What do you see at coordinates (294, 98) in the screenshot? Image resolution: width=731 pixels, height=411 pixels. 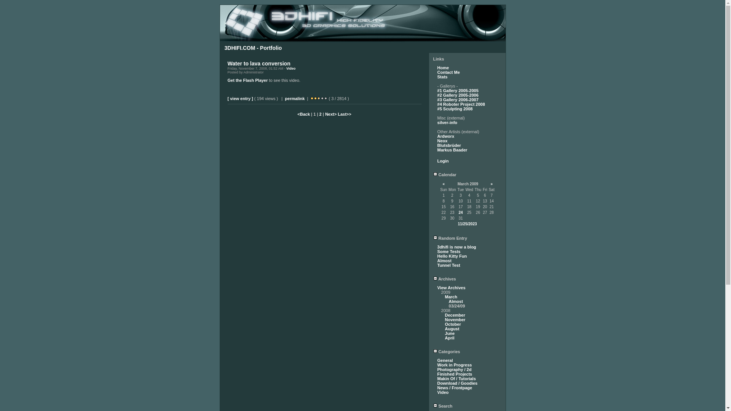 I see `'permalink'` at bounding box center [294, 98].